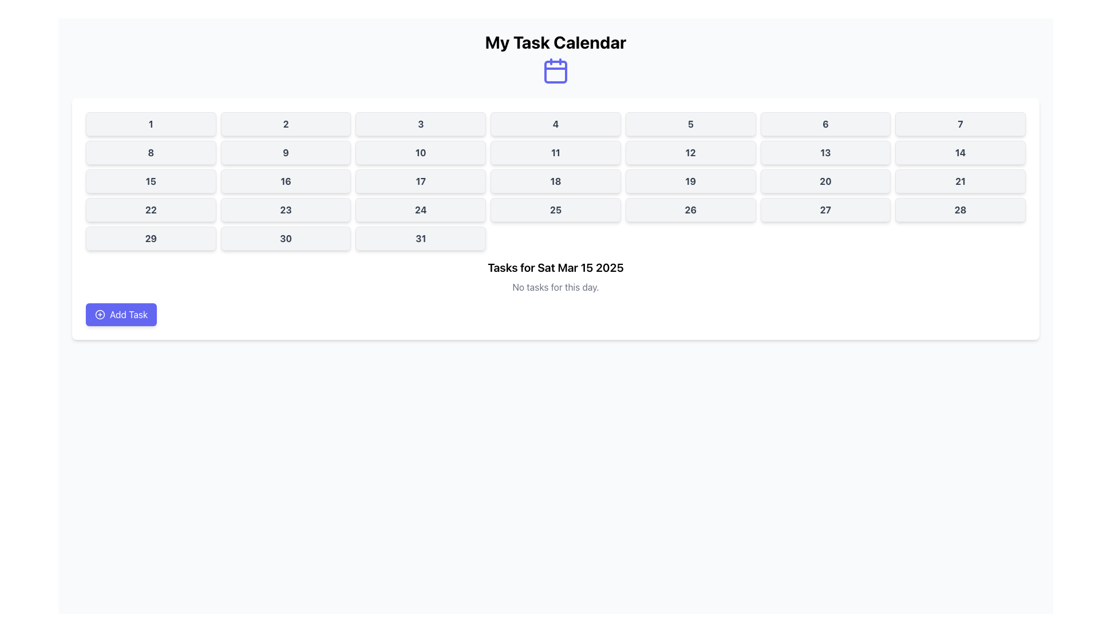  What do you see at coordinates (286, 124) in the screenshot?
I see `the rectangular button with a light gray background displaying the bold black number '2' to trigger hover styles` at bounding box center [286, 124].